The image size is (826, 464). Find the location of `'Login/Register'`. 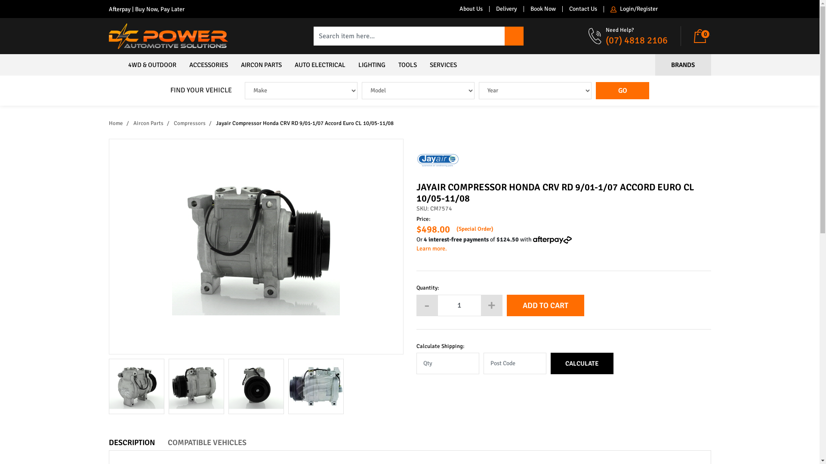

'Login/Register' is located at coordinates (633, 9).